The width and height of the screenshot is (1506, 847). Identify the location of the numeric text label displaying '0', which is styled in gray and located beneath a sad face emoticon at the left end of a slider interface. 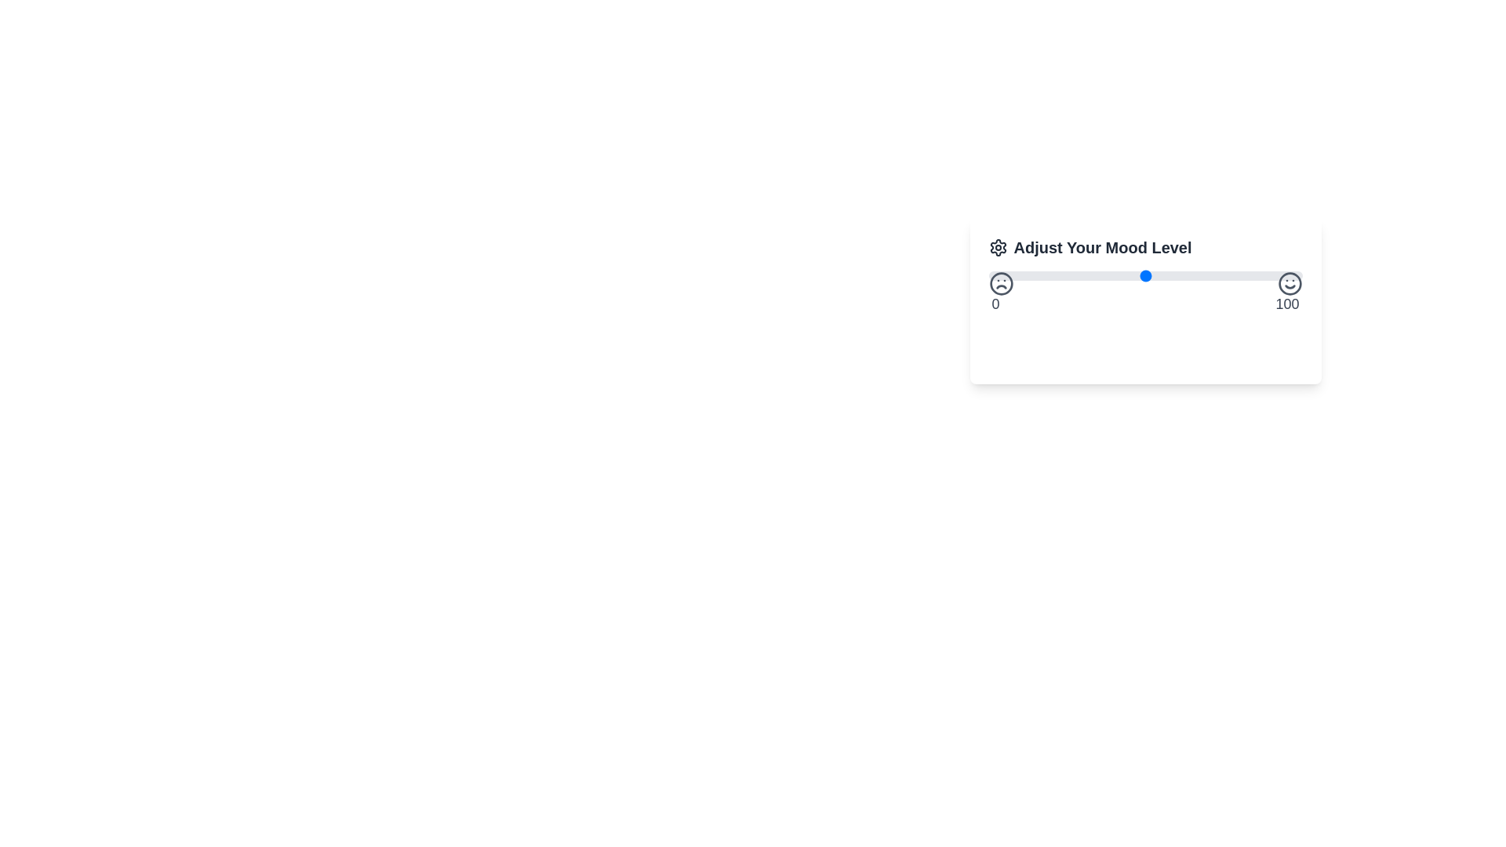
(995, 304).